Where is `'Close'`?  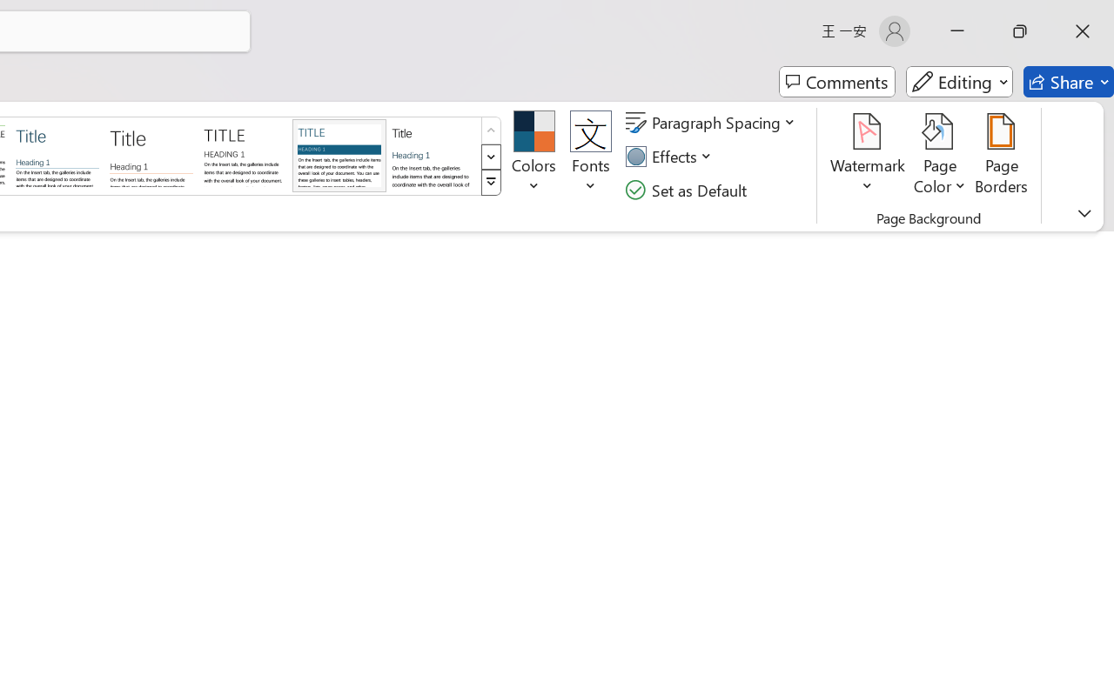
'Close' is located at coordinates (1082, 30).